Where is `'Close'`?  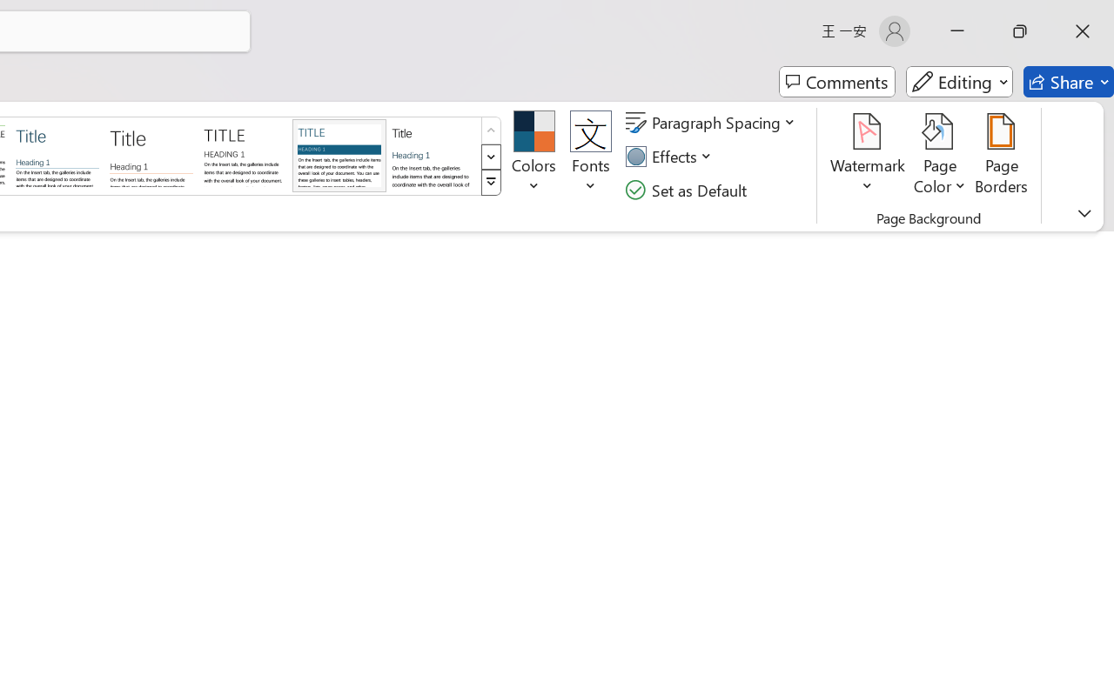
'Close' is located at coordinates (1082, 30).